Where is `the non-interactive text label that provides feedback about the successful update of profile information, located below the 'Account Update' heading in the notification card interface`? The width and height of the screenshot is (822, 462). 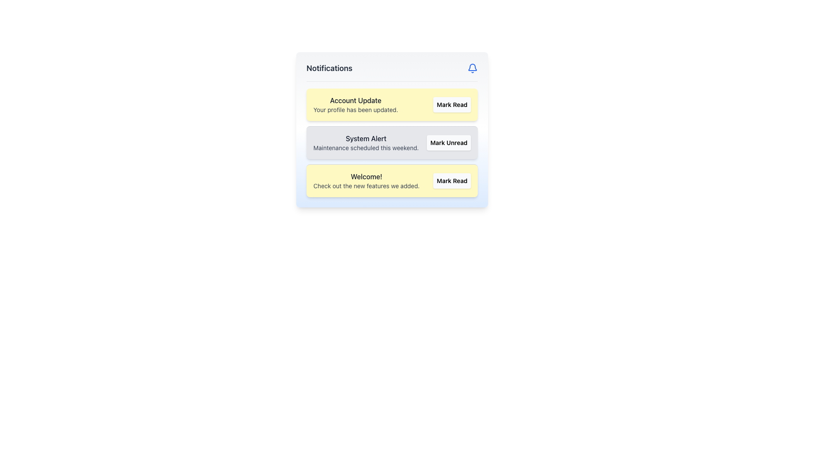
the non-interactive text label that provides feedback about the successful update of profile information, located below the 'Account Update' heading in the notification card interface is located at coordinates (355, 110).